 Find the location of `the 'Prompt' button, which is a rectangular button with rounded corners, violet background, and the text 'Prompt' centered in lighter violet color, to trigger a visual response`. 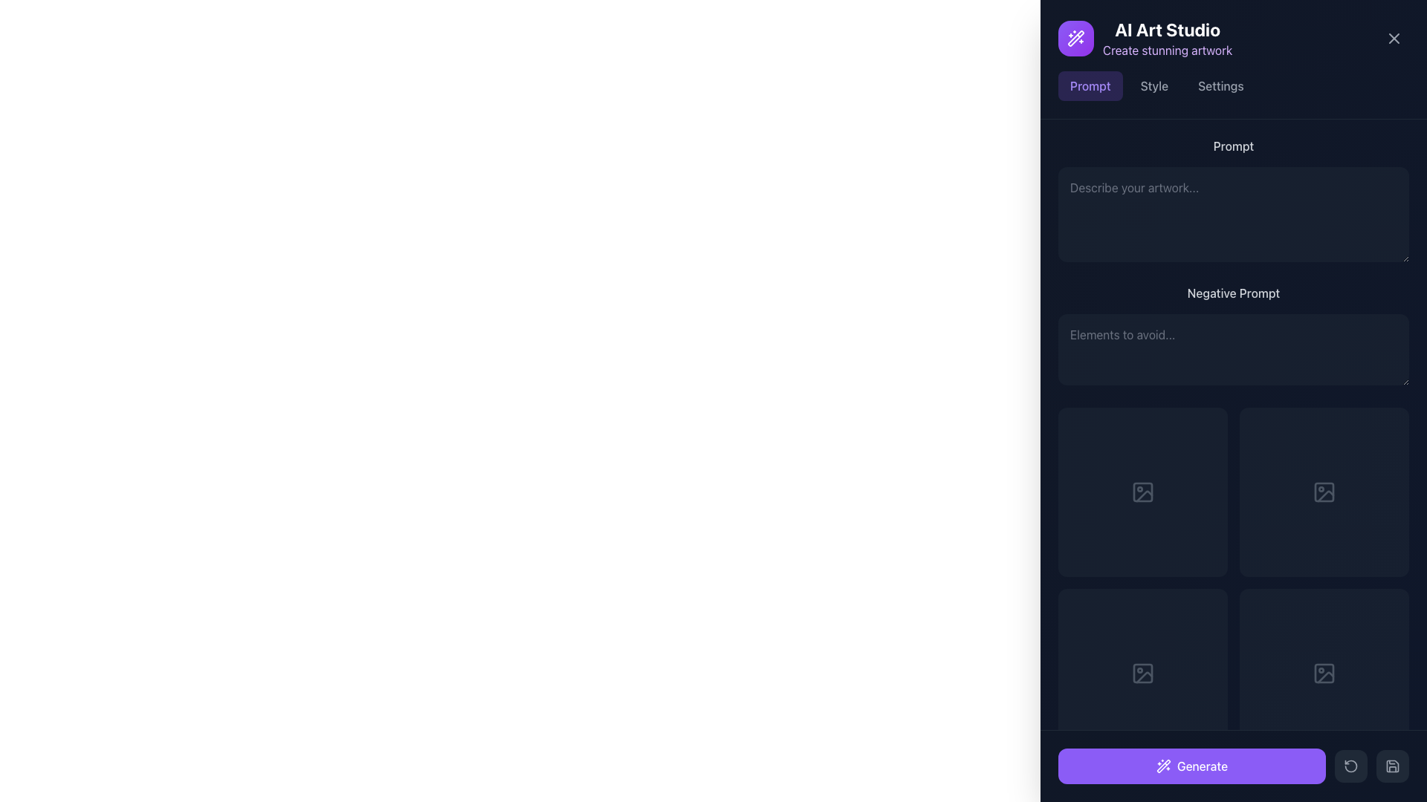

the 'Prompt' button, which is a rectangular button with rounded corners, violet background, and the text 'Prompt' centered in lighter violet color, to trigger a visual response is located at coordinates (1090, 85).